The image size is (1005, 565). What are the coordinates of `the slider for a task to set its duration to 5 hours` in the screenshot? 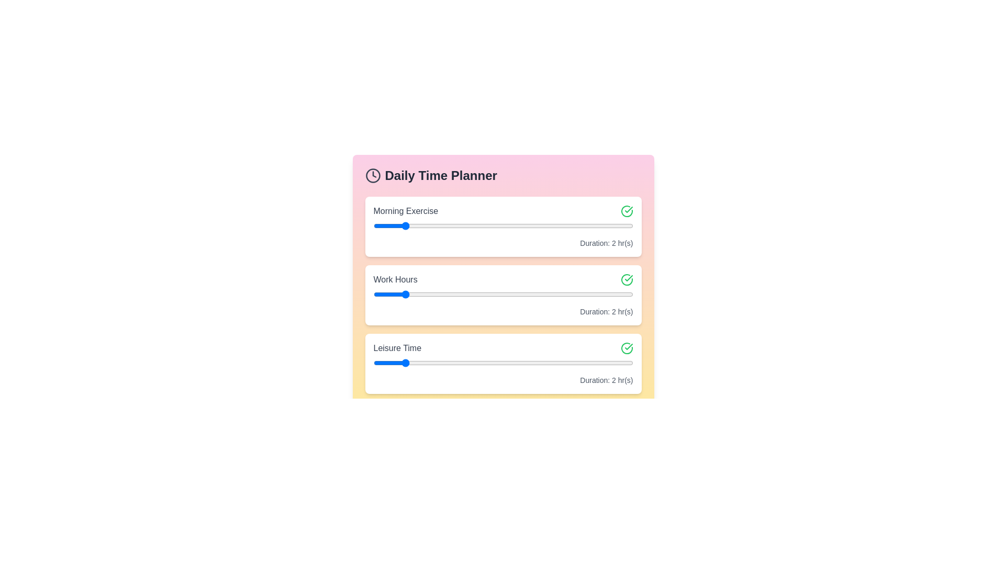 It's located at (488, 225).